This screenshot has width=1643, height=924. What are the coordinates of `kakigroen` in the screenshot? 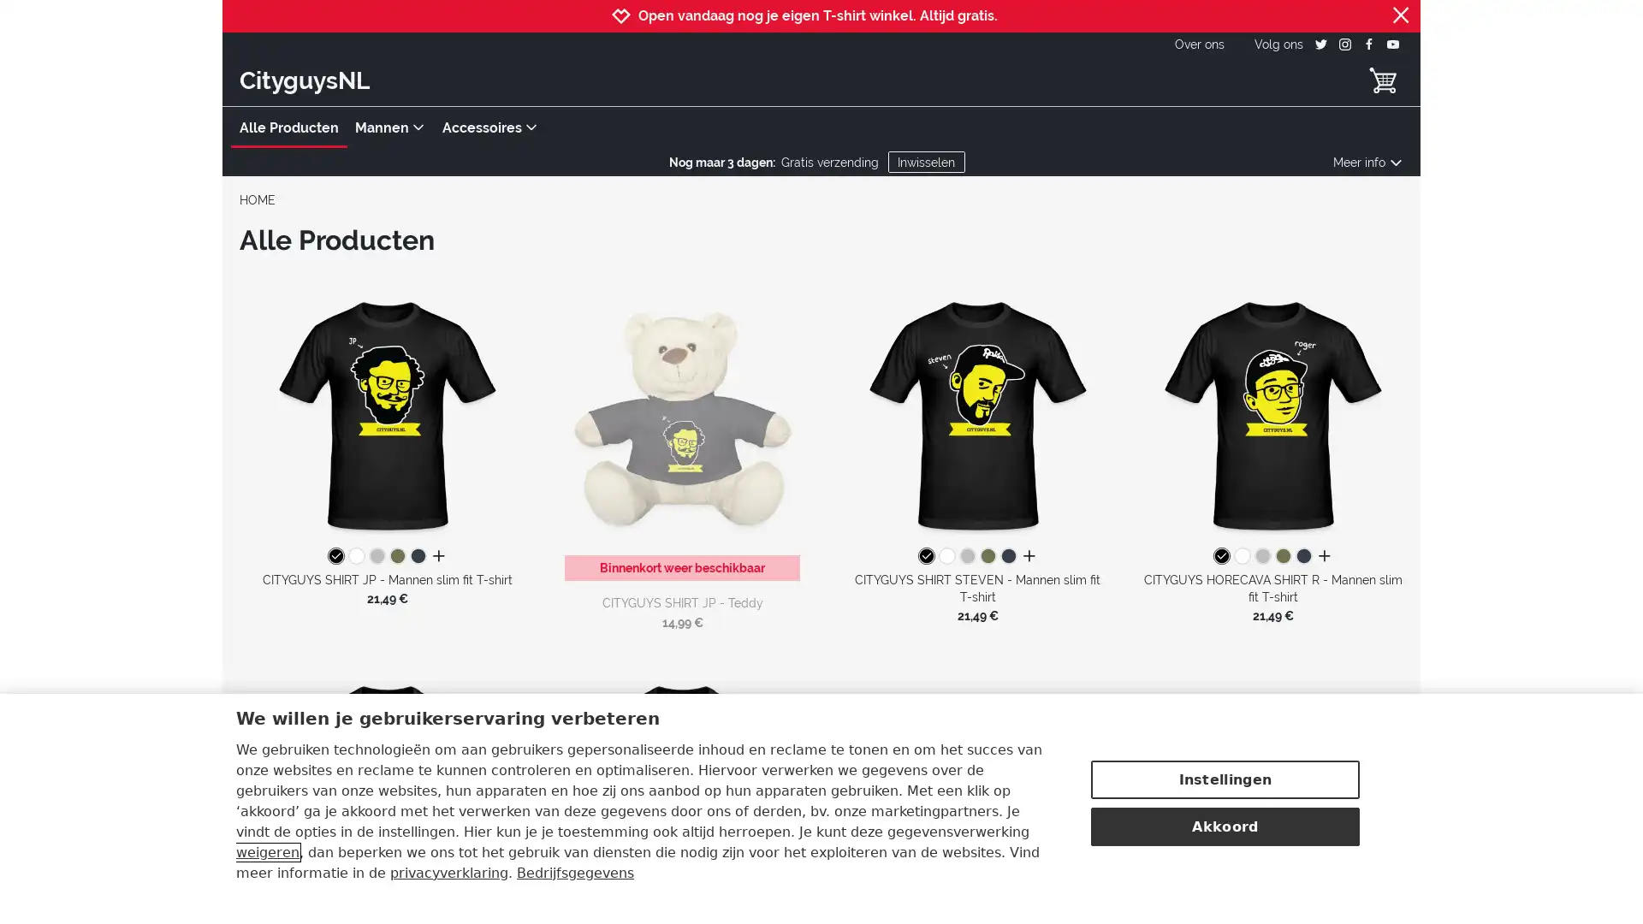 It's located at (987, 557).